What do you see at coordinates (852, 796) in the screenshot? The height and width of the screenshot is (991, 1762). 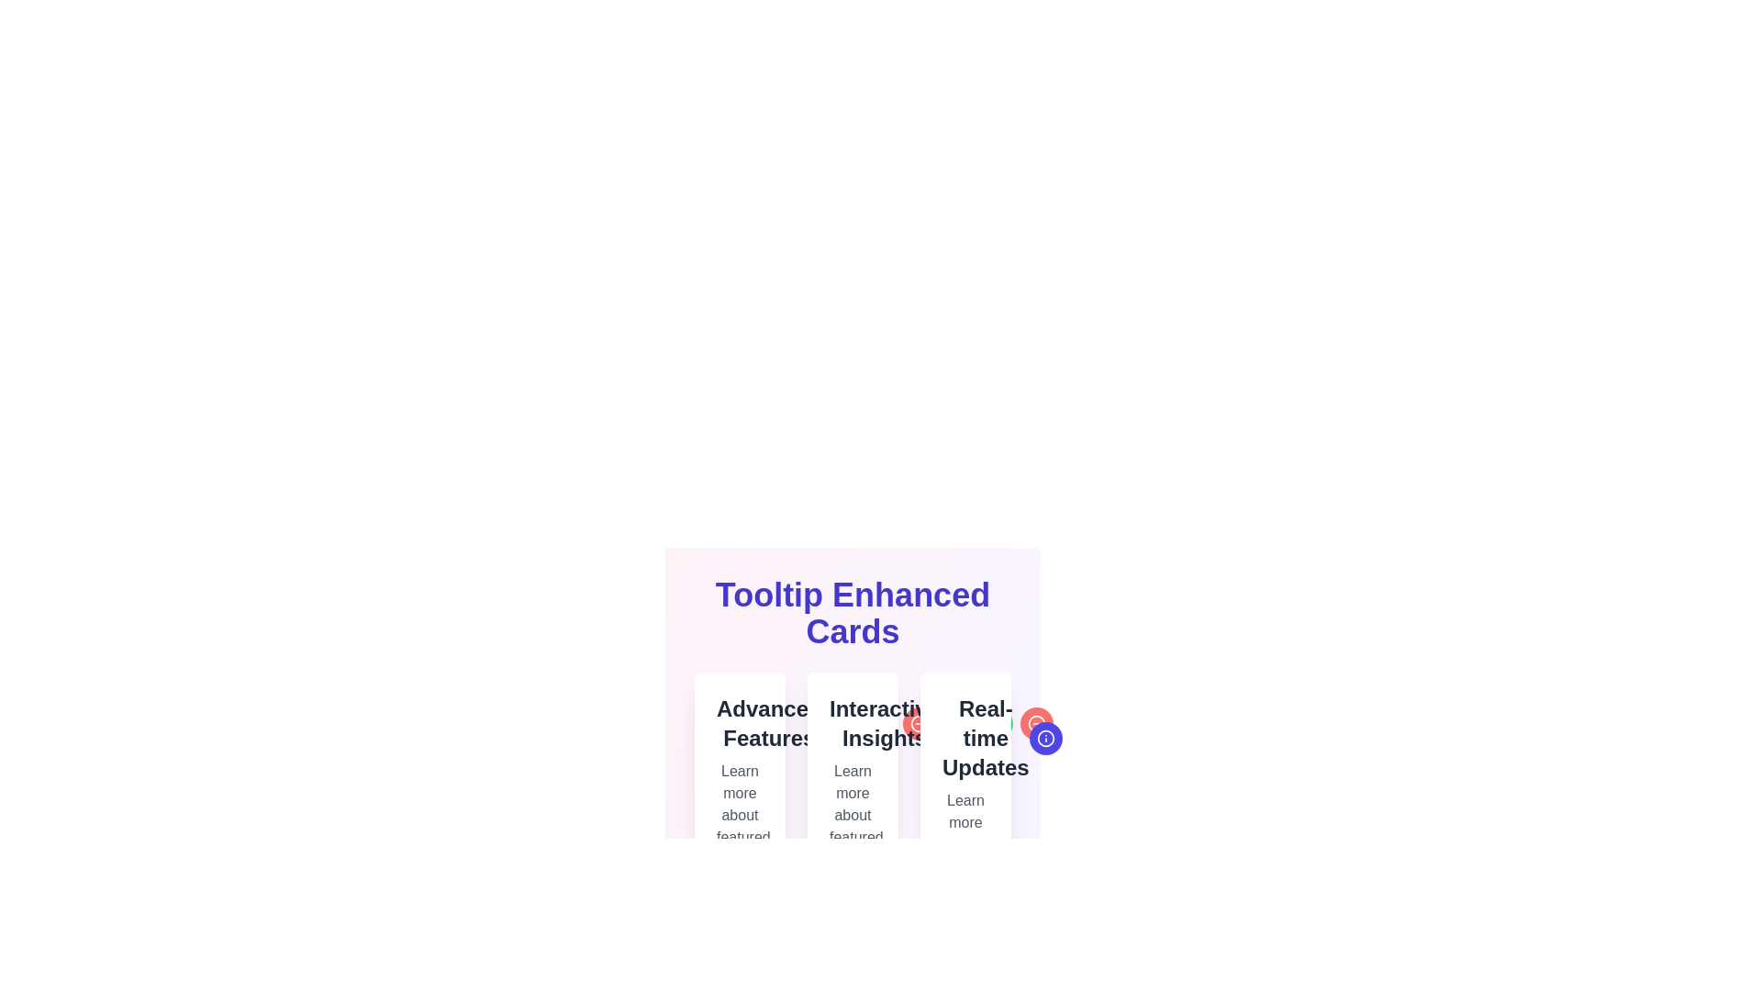 I see `the Informational Card titled 'Interactive Insights', which has a white background and rounded corners, located in the center of the grid` at bounding box center [852, 796].